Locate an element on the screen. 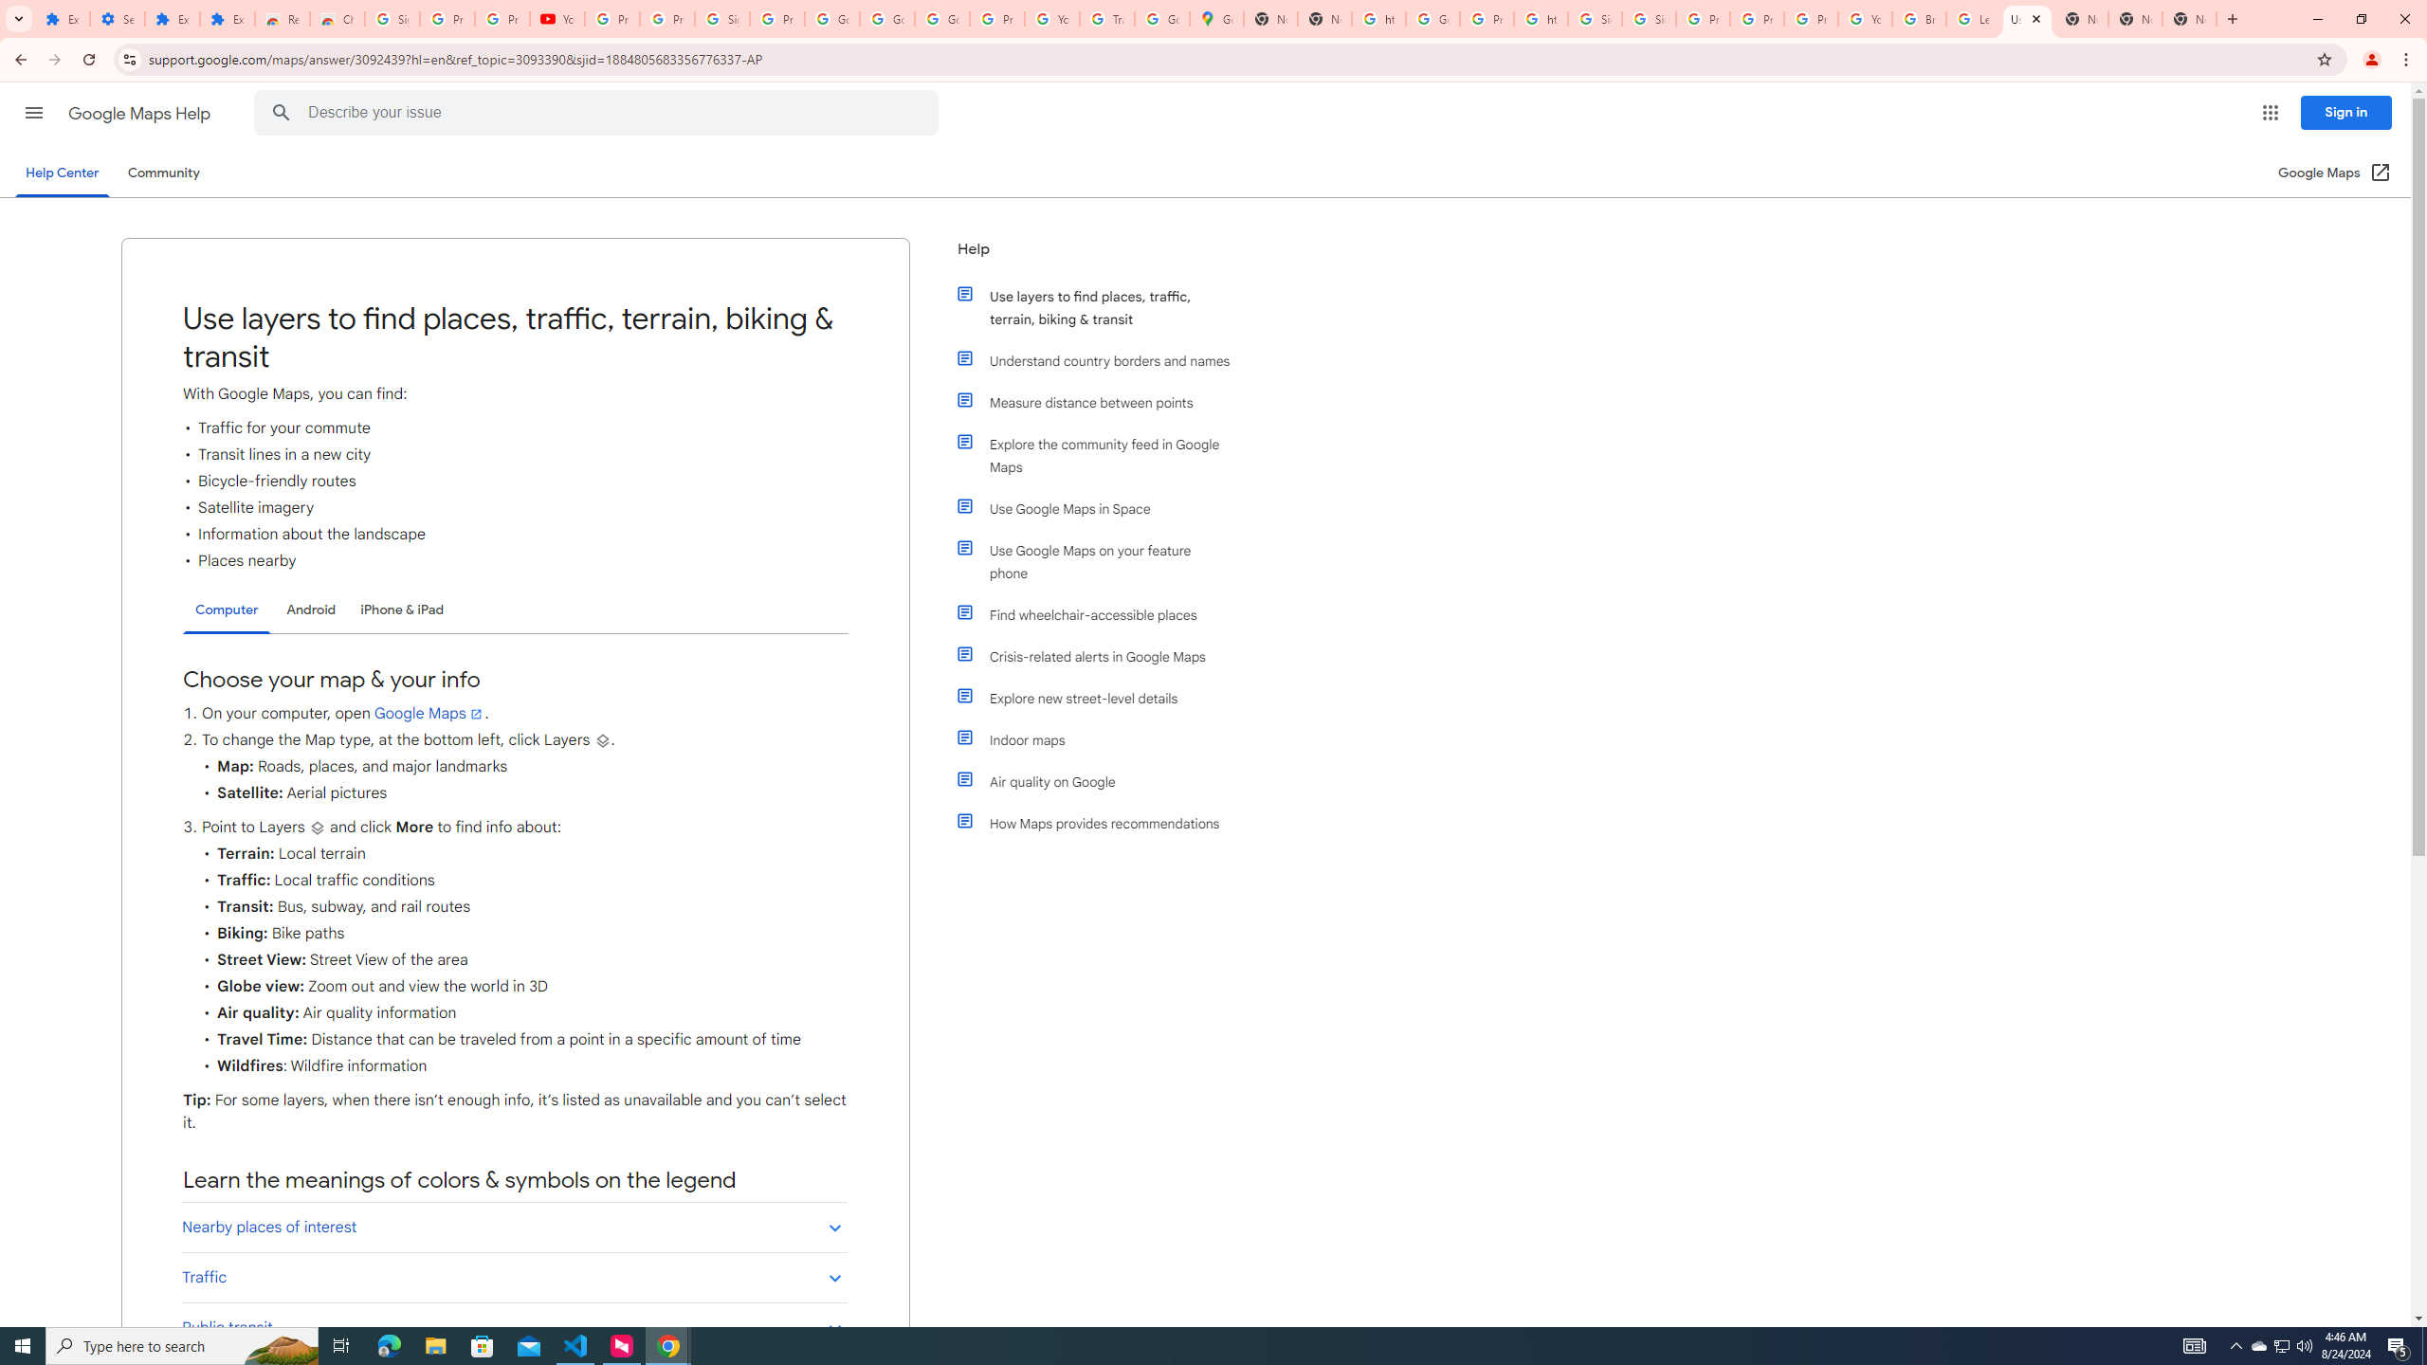  'Extensions' is located at coordinates (62, 18).